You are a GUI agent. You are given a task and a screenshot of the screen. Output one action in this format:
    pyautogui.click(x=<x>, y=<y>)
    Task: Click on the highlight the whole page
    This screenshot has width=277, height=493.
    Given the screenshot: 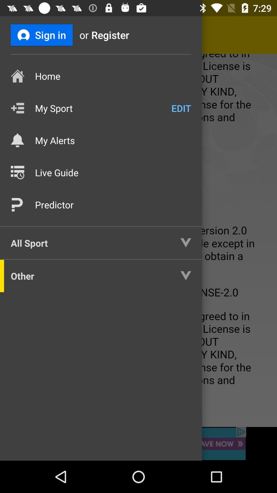 What is the action you would take?
    pyautogui.click(x=138, y=240)
    